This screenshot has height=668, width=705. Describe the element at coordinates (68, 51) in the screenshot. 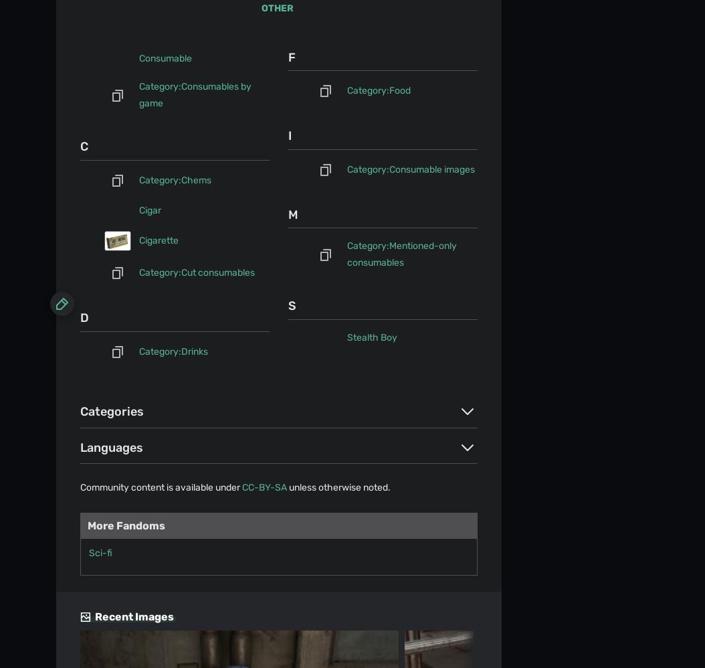

I see `'About'` at that location.